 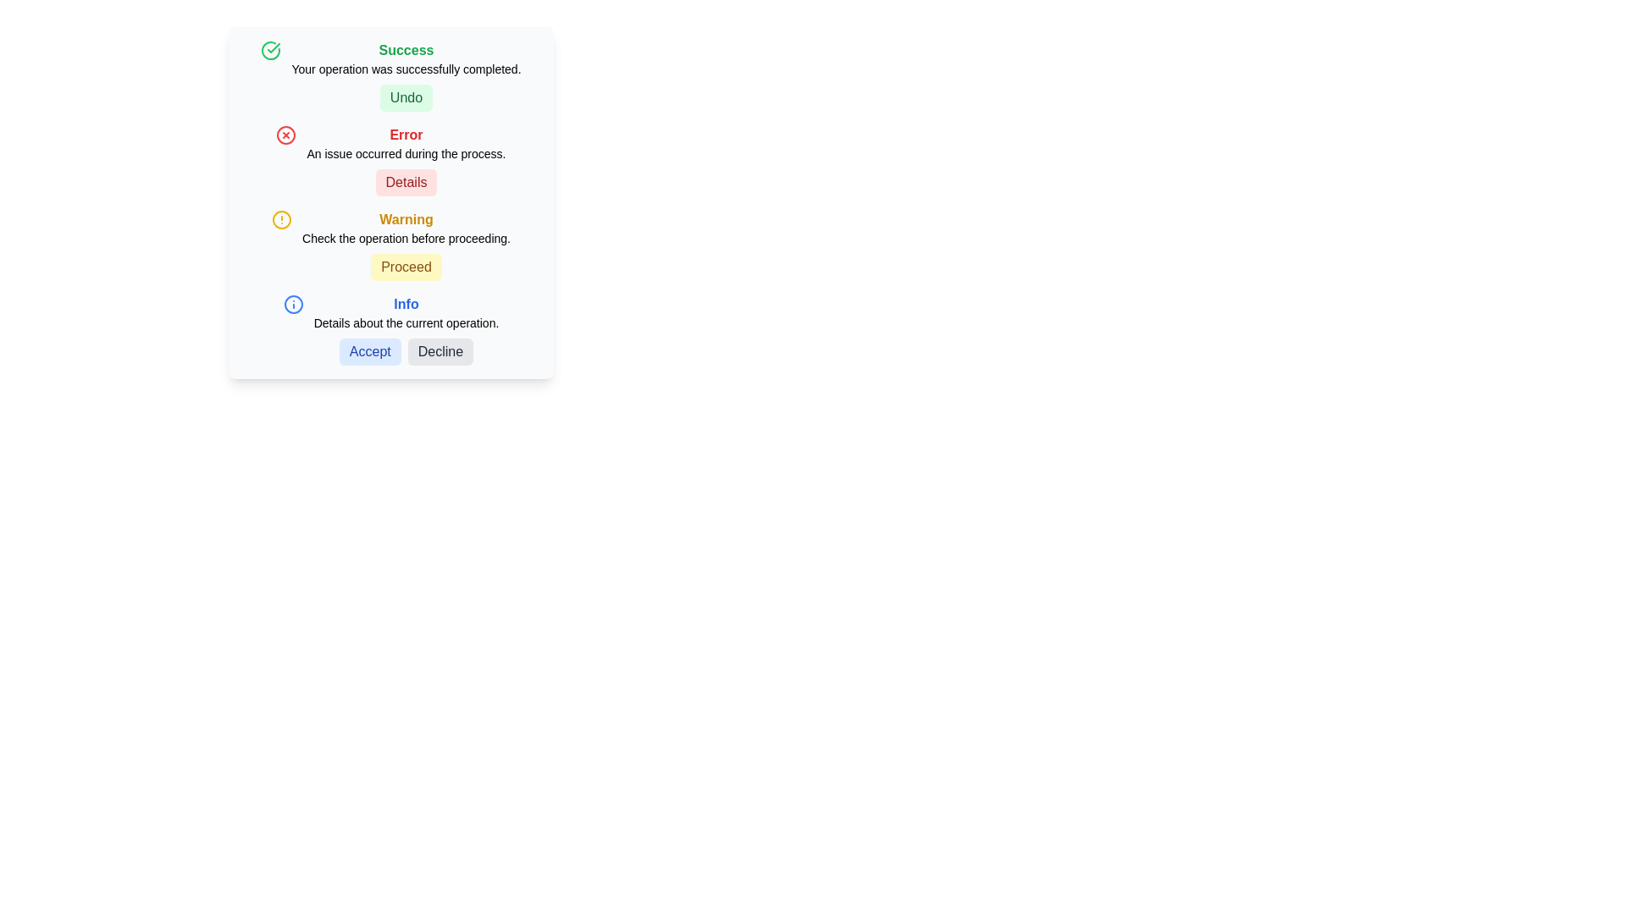 What do you see at coordinates (440, 351) in the screenshot?
I see `the 'Decline' button, which is a rectangular button with a light gray background and dark gray text, positioned to the right of the 'Accept' button at the bottom of the interface` at bounding box center [440, 351].